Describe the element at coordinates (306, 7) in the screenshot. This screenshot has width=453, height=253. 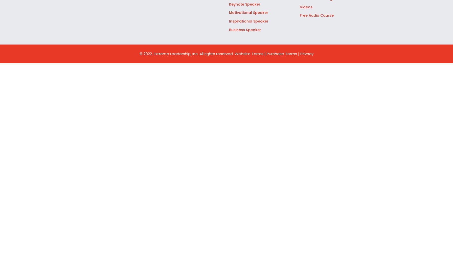
I see `'Videos'` at that location.